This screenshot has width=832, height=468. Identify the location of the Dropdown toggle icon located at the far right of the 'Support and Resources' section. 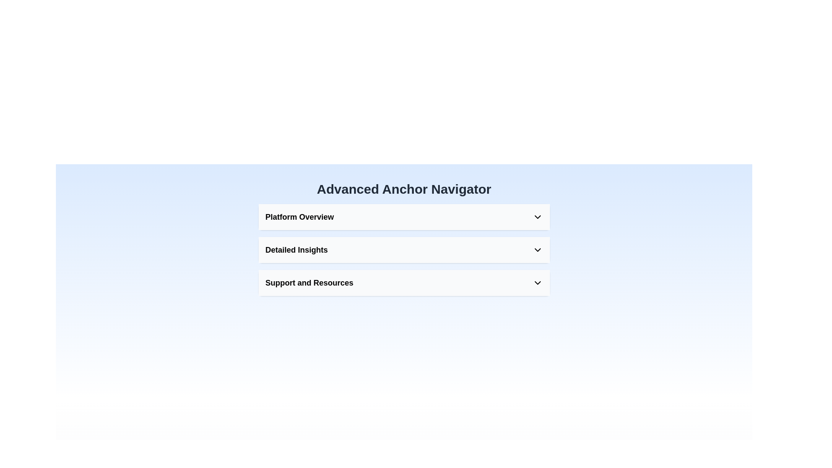
(537, 283).